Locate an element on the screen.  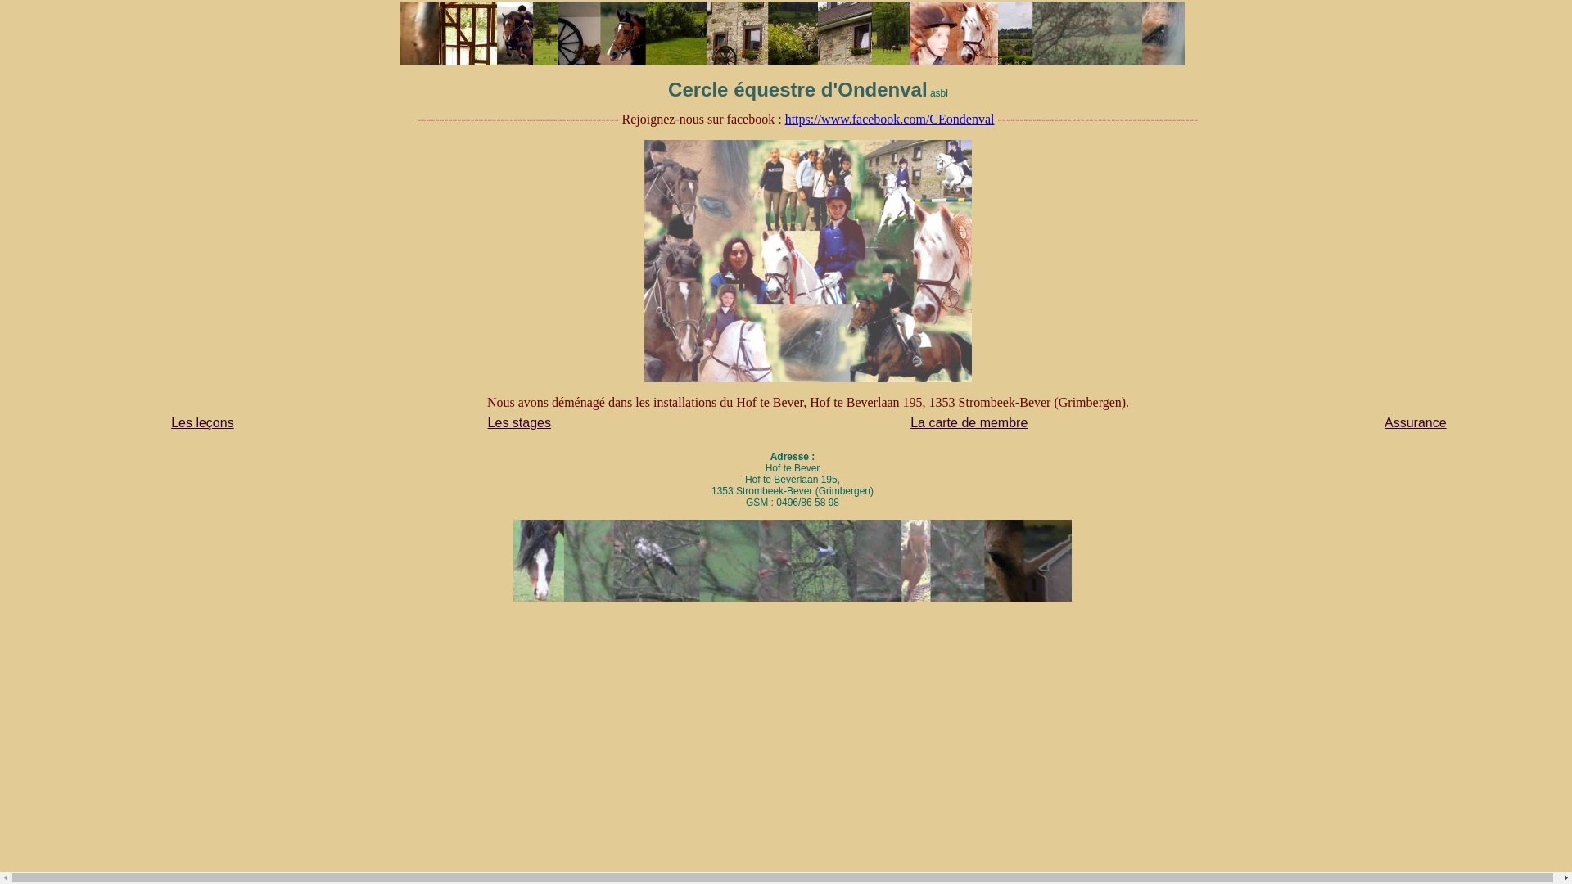
'La carte de membre' is located at coordinates (969, 422).